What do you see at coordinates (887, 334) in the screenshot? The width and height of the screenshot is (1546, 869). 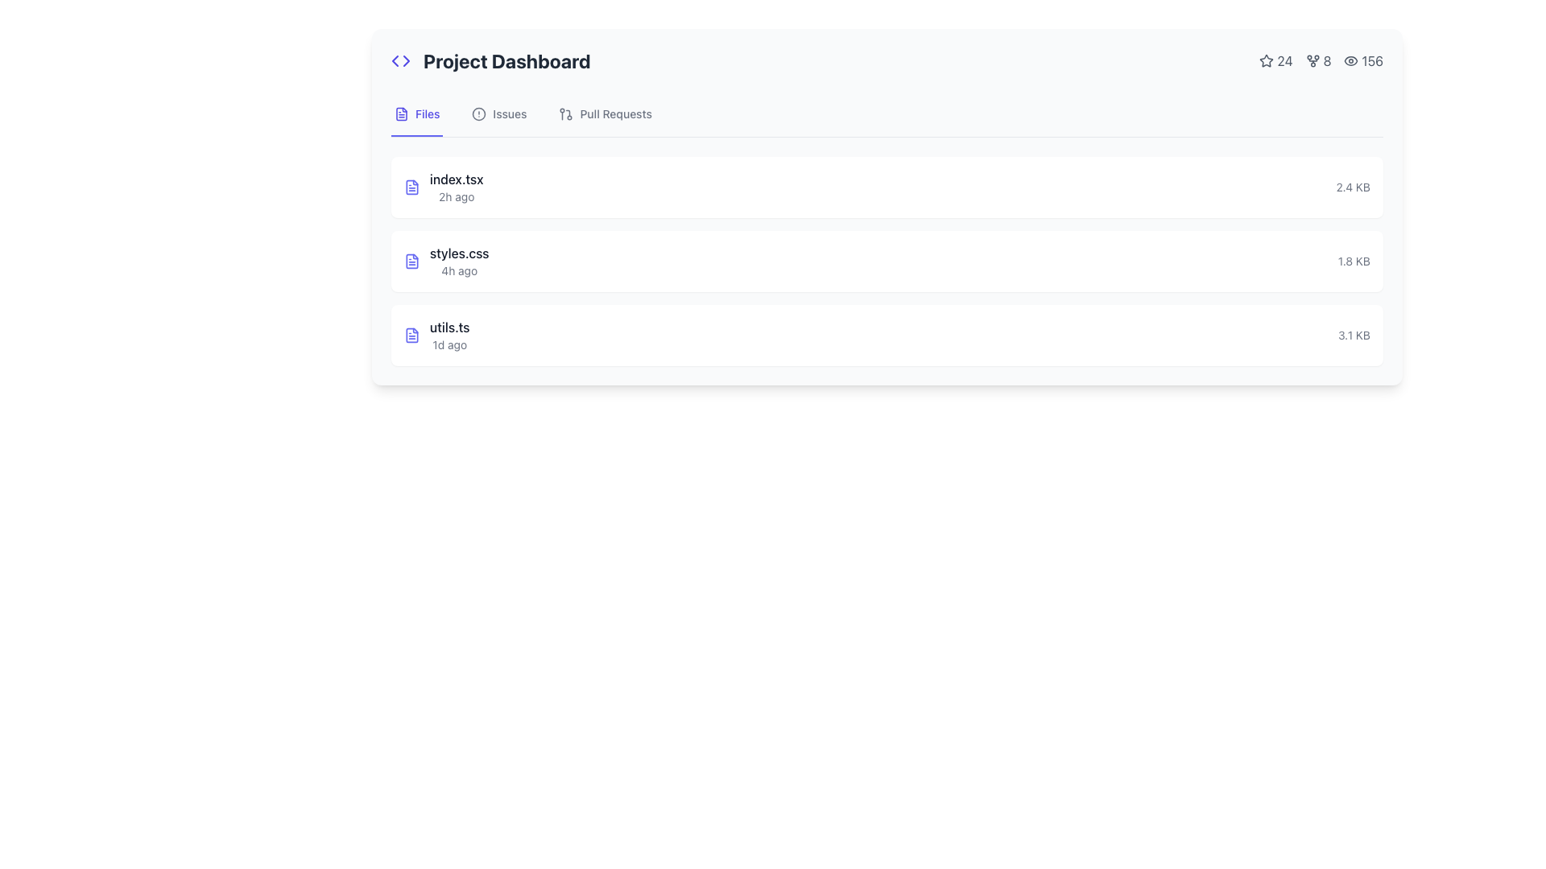 I see `the file list entry representing 'utils.ts', which is the third item in the vertical list of file entries` at bounding box center [887, 334].